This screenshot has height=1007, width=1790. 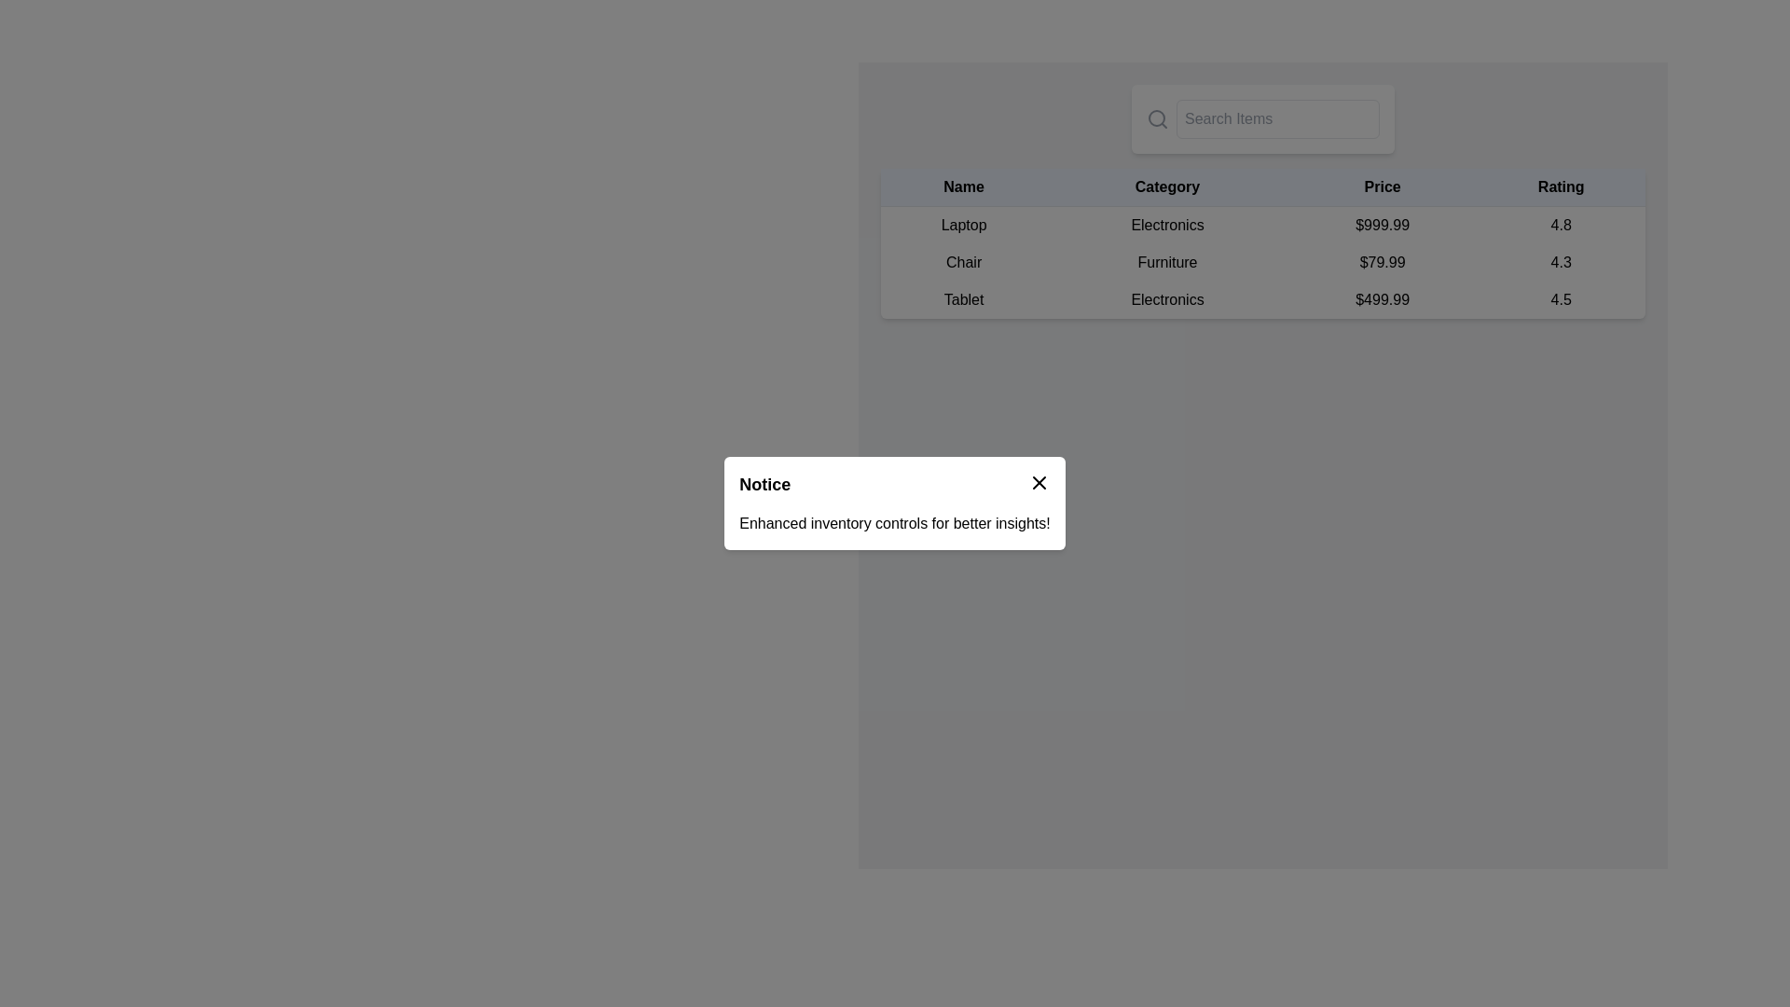 I want to click on the table header that indicates the rating values for the corresponding rows, located at the far right of the row following 'Price.', so click(x=1561, y=187).